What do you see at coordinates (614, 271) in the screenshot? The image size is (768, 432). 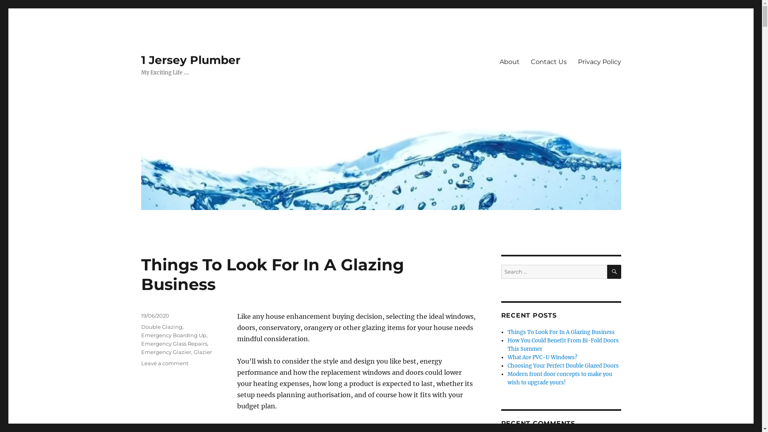 I see `'SEARCH'` at bounding box center [614, 271].